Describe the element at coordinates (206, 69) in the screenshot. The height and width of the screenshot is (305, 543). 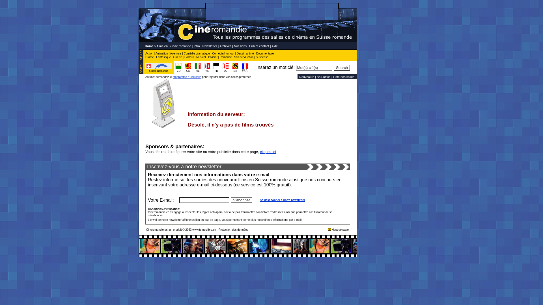
I see `'VS'` at that location.